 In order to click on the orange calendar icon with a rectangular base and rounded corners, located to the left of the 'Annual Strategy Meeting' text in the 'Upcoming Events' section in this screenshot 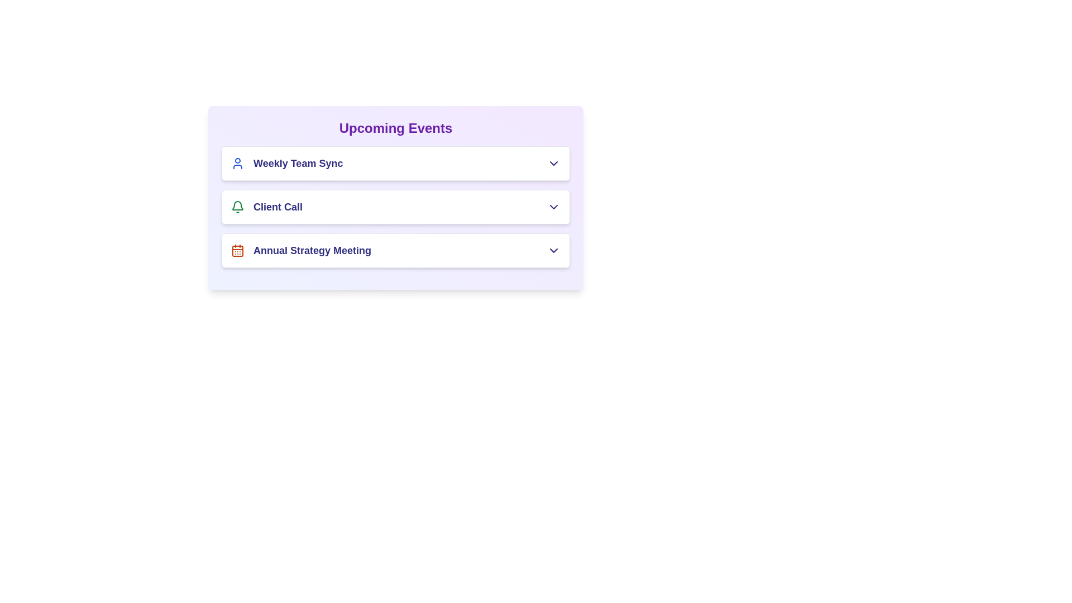, I will do `click(237, 250)`.